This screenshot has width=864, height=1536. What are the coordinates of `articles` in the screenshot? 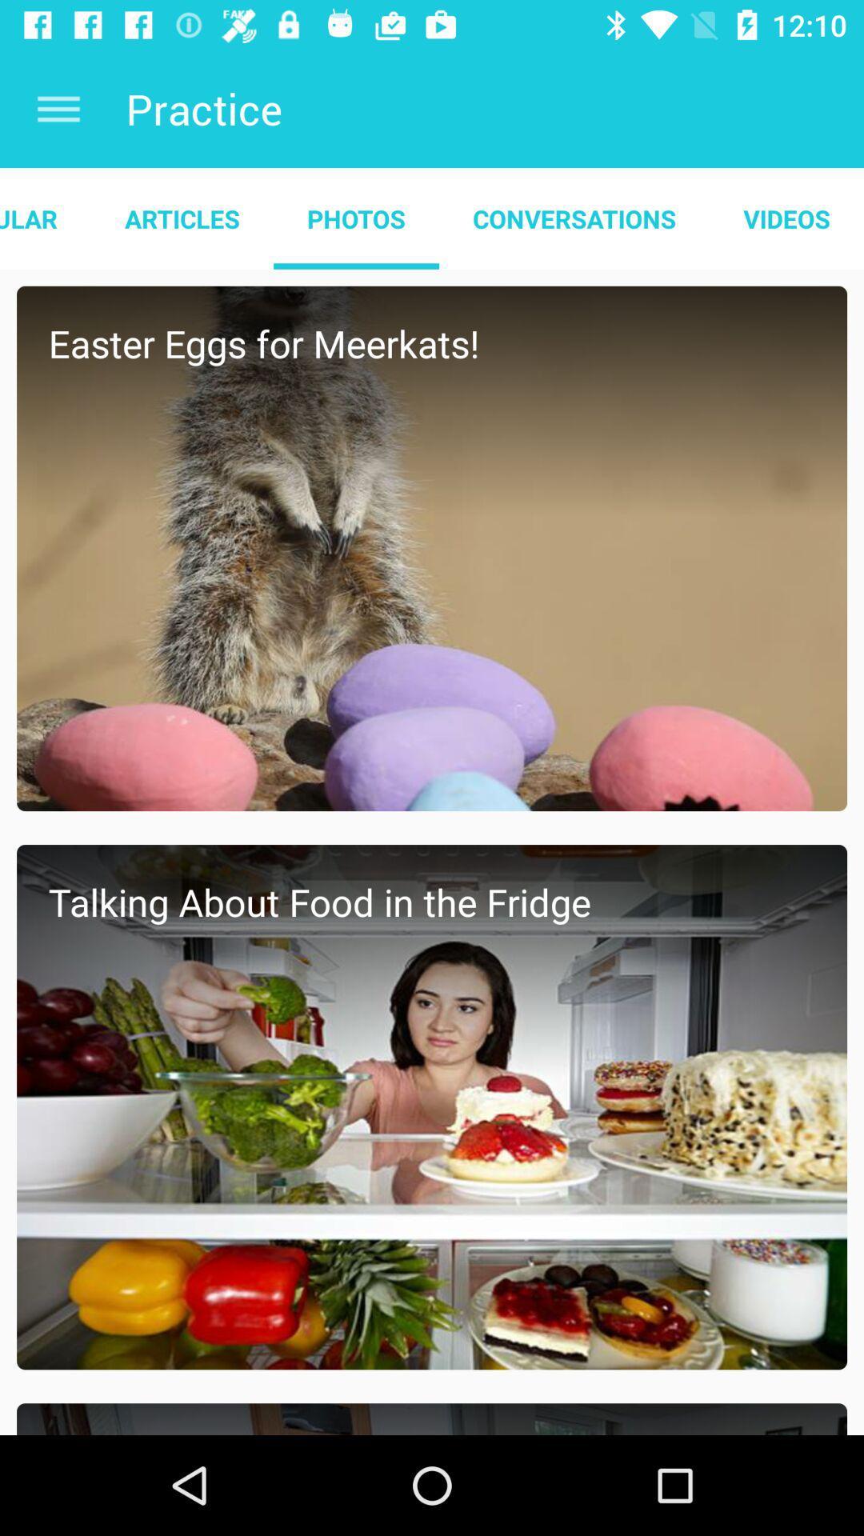 It's located at (181, 218).